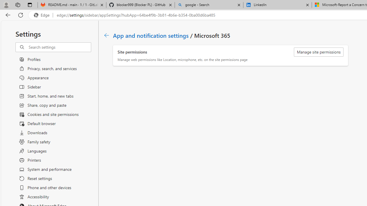 This screenshot has width=367, height=206. Describe the element at coordinates (277, 5) in the screenshot. I see `'LinkedIn'` at that location.